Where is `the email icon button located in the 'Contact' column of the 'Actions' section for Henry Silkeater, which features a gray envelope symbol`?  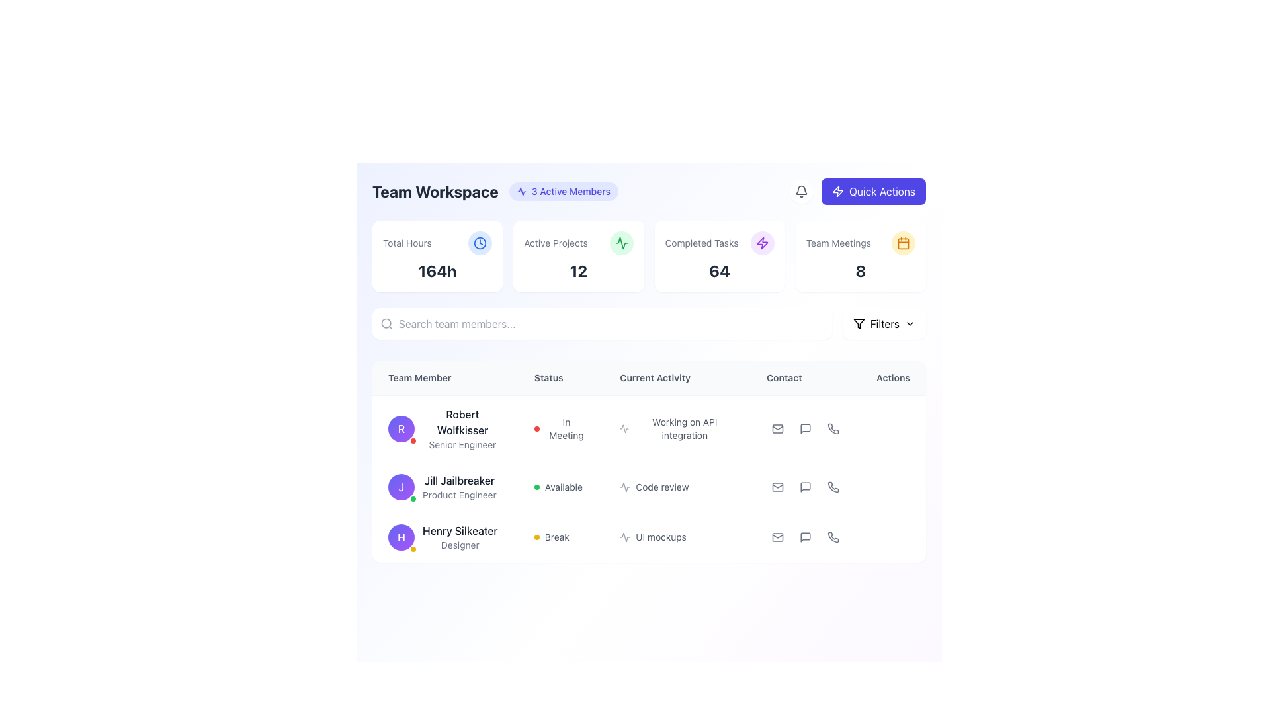 the email icon button located in the 'Contact' column of the 'Actions' section for Henry Silkeater, which features a gray envelope symbol is located at coordinates (778, 537).